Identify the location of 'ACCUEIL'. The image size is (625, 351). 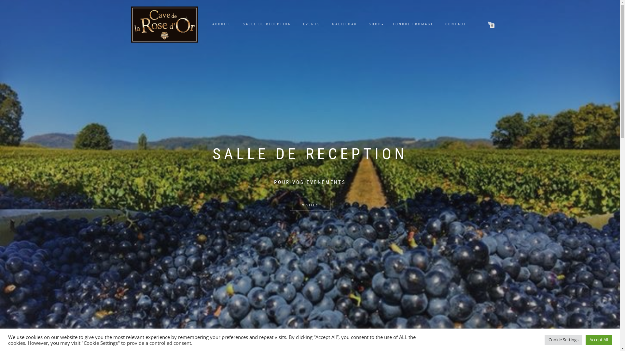
(221, 24).